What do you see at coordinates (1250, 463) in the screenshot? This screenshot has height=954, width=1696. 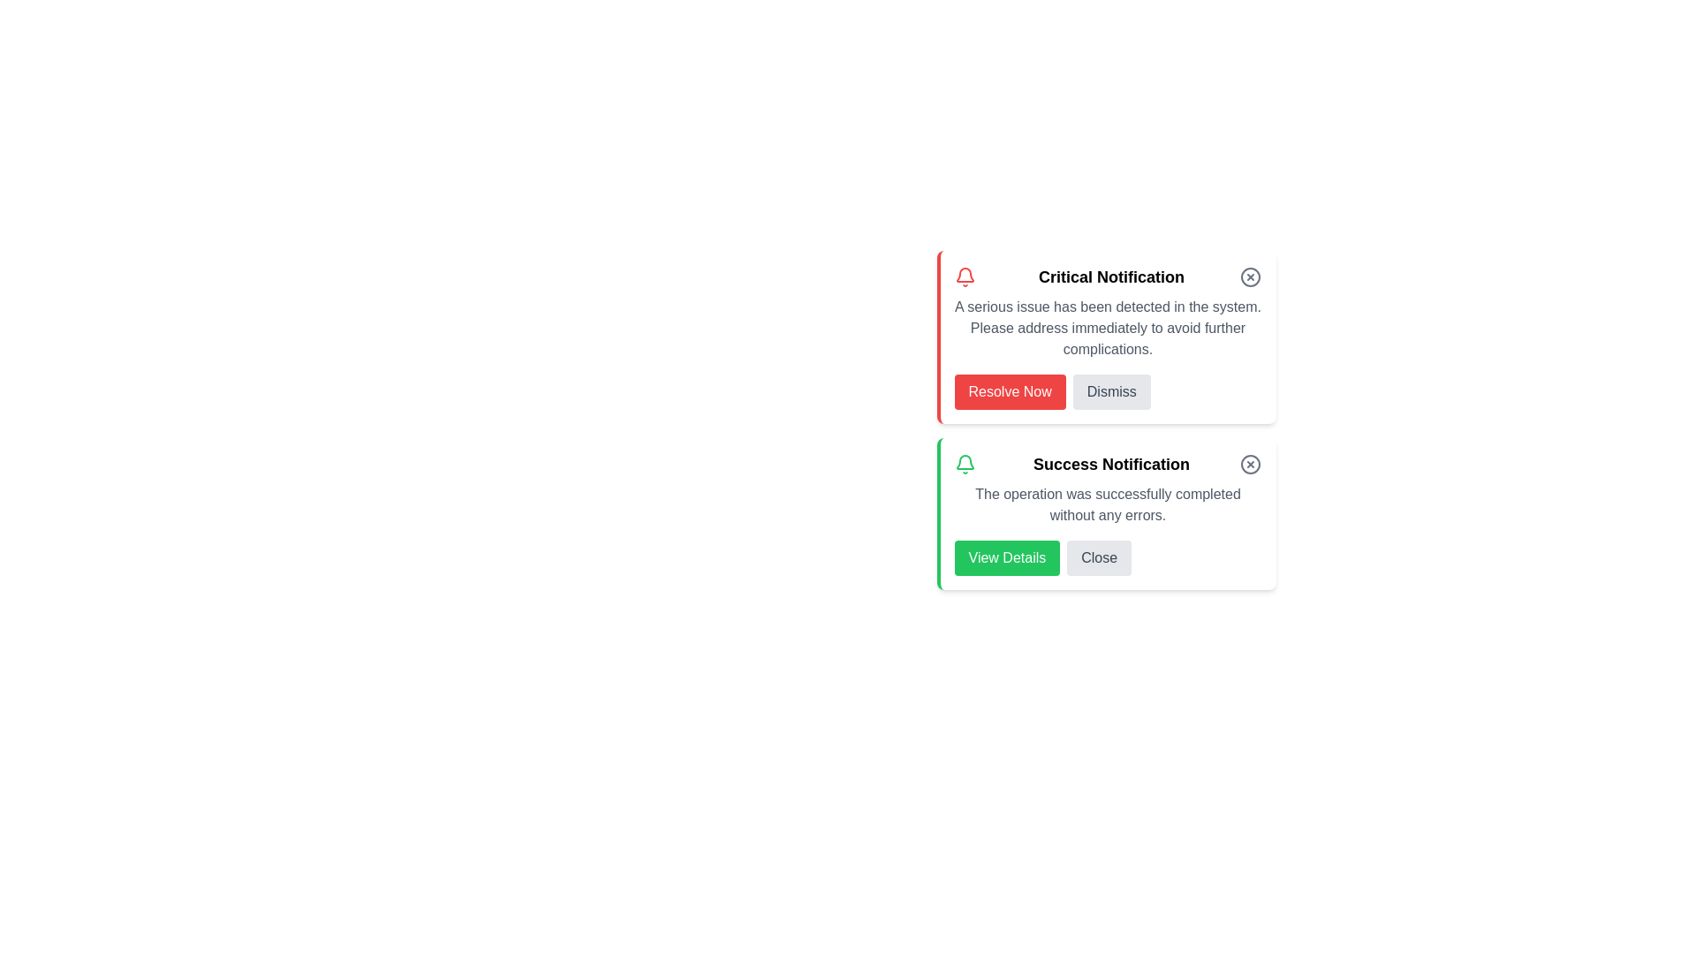 I see `the decorative circular outline that serves as a visual decoration for the 'Close' icon in the top-right corner of the 'Success Notification' card` at bounding box center [1250, 463].